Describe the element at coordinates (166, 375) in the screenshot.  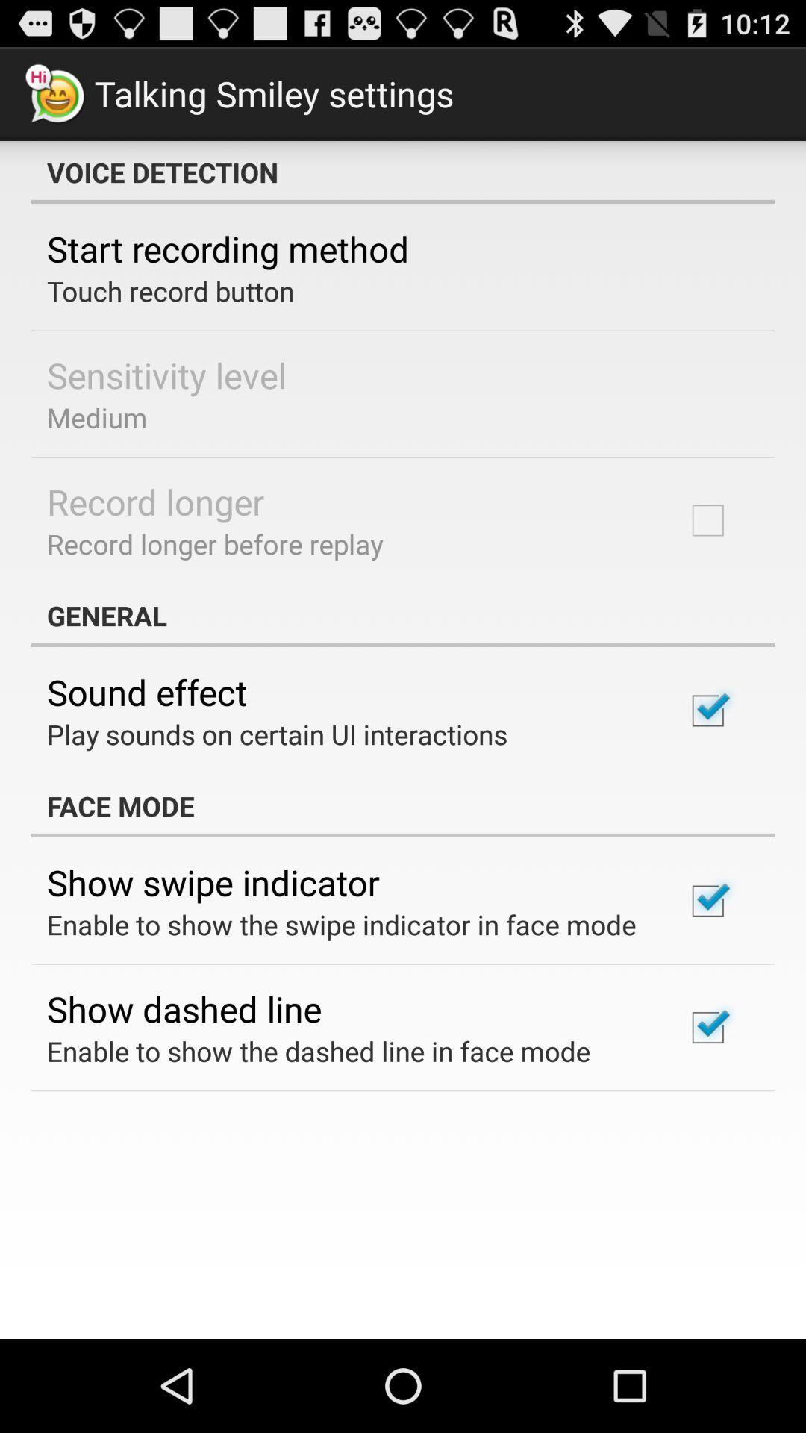
I see `sensitivity level icon` at that location.